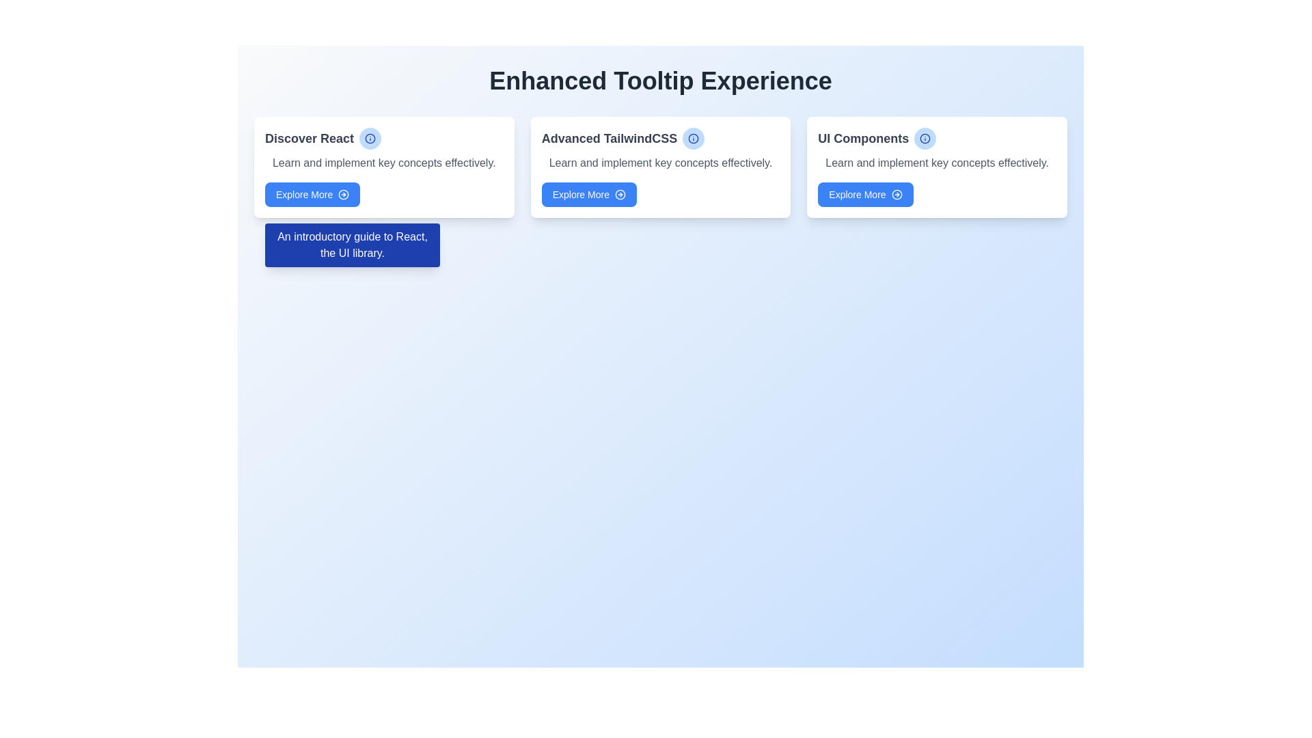 This screenshot has height=738, width=1312. What do you see at coordinates (925, 139) in the screenshot?
I see `the circular Icon Button with a blue background and 'i' icon` at bounding box center [925, 139].